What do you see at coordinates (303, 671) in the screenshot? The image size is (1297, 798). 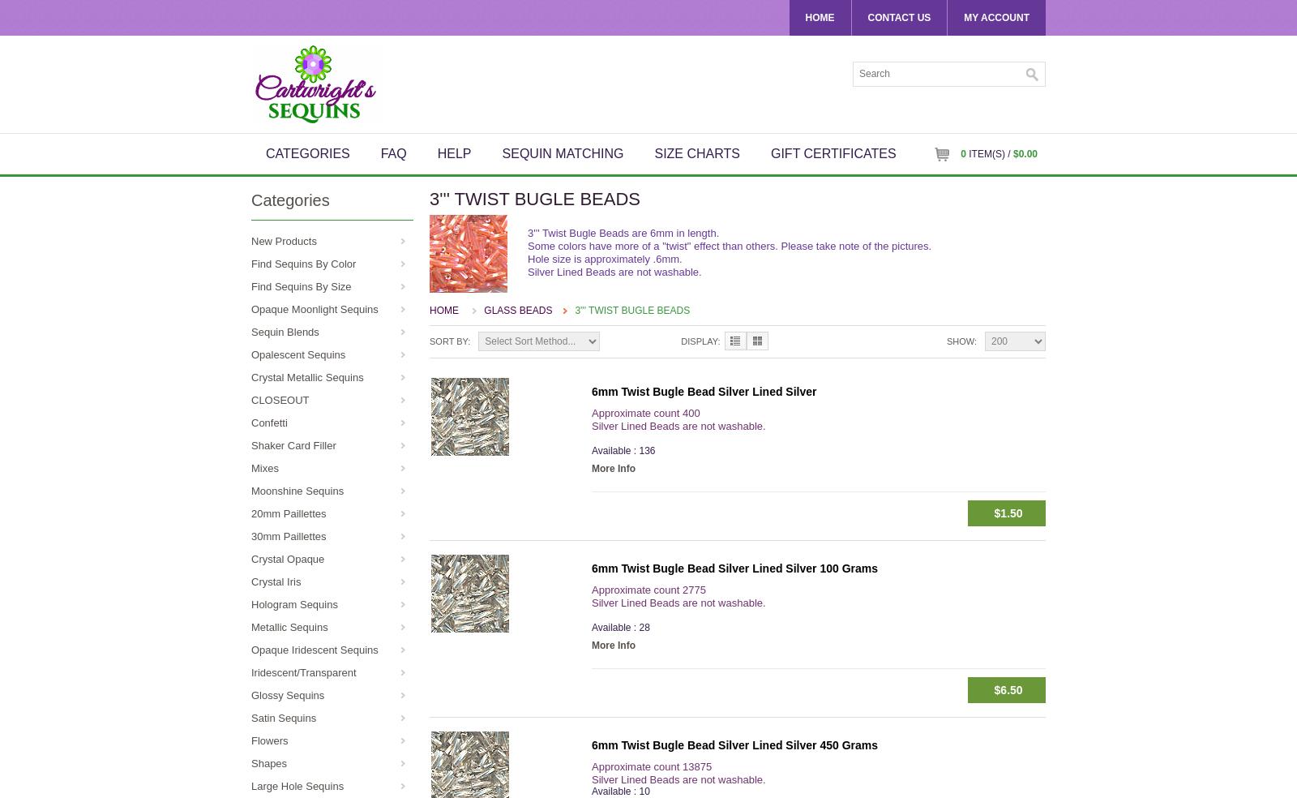 I see `'Iridescent/Transparent'` at bounding box center [303, 671].